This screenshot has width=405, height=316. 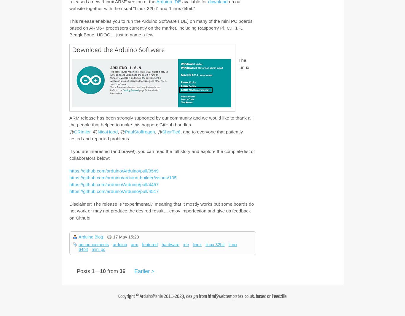 What do you see at coordinates (205, 244) in the screenshot?
I see `'linux 32bit'` at bounding box center [205, 244].